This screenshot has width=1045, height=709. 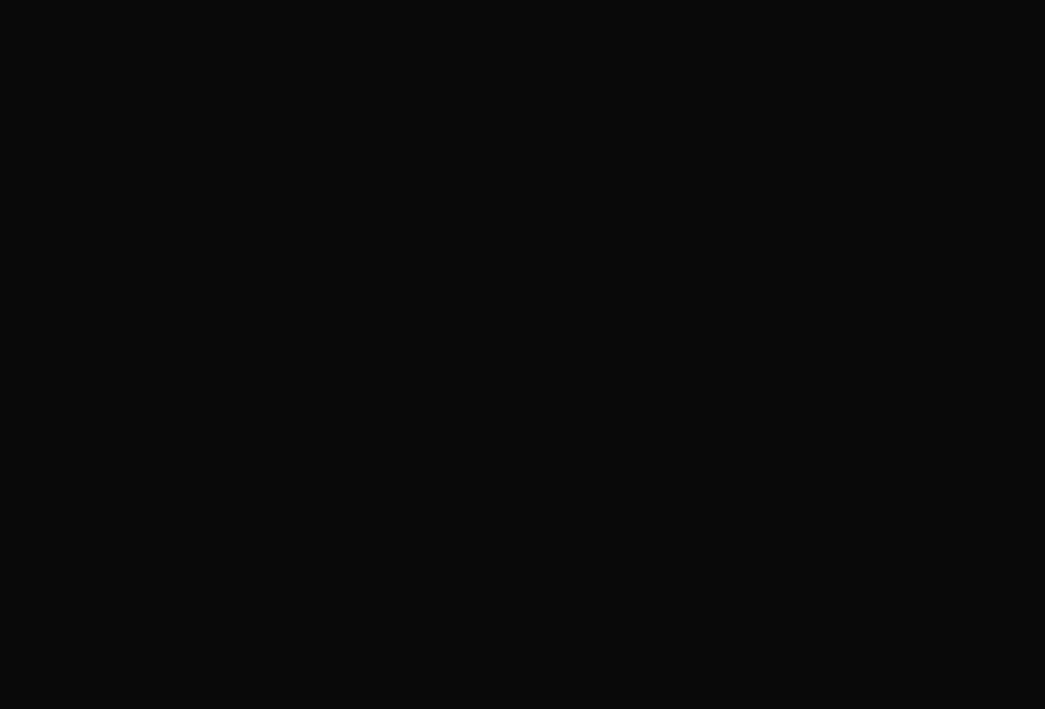 What do you see at coordinates (761, 42) in the screenshot?
I see `'The Fitzgerald Theater'` at bounding box center [761, 42].